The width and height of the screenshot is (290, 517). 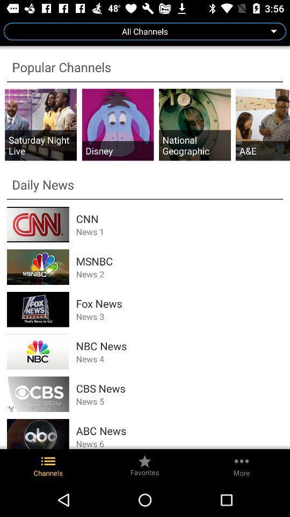 I want to click on the icon above news 1 item, so click(x=179, y=218).